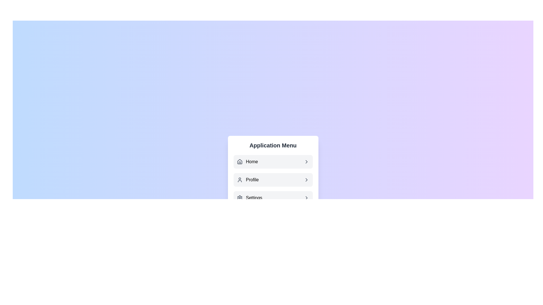  What do you see at coordinates (240, 198) in the screenshot?
I see `the 'Settings' menu option icon located to the left of the menu item text in the Application Menu section` at bounding box center [240, 198].